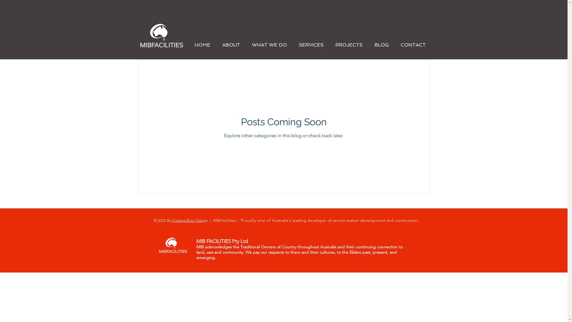 The height and width of the screenshot is (322, 572). What do you see at coordinates (206, 220) in the screenshot?
I see `'gn'` at bounding box center [206, 220].